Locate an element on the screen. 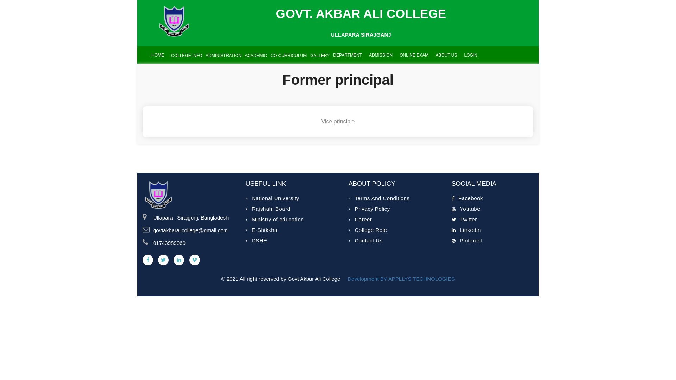 The image size is (676, 380). 'LOGIN' is located at coordinates (470, 55).